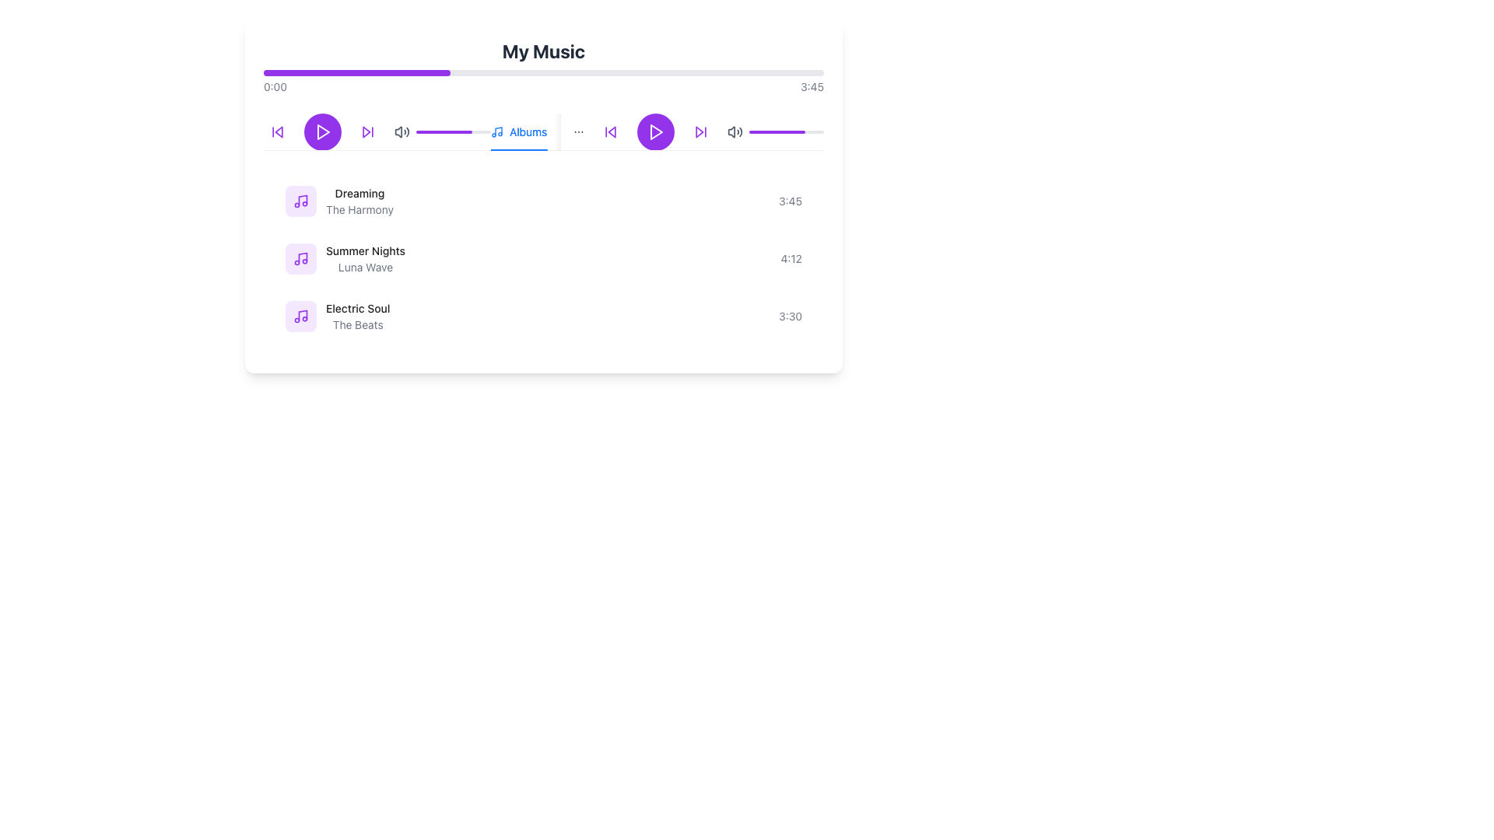 This screenshot has width=1494, height=840. What do you see at coordinates (277, 131) in the screenshot?
I see `the first button from the left in the row of playback controls to skip to the previous track` at bounding box center [277, 131].